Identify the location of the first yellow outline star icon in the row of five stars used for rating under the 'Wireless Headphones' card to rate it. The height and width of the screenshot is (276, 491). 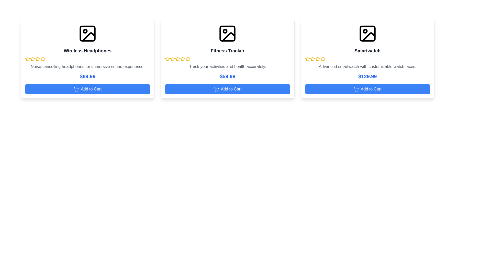
(27, 59).